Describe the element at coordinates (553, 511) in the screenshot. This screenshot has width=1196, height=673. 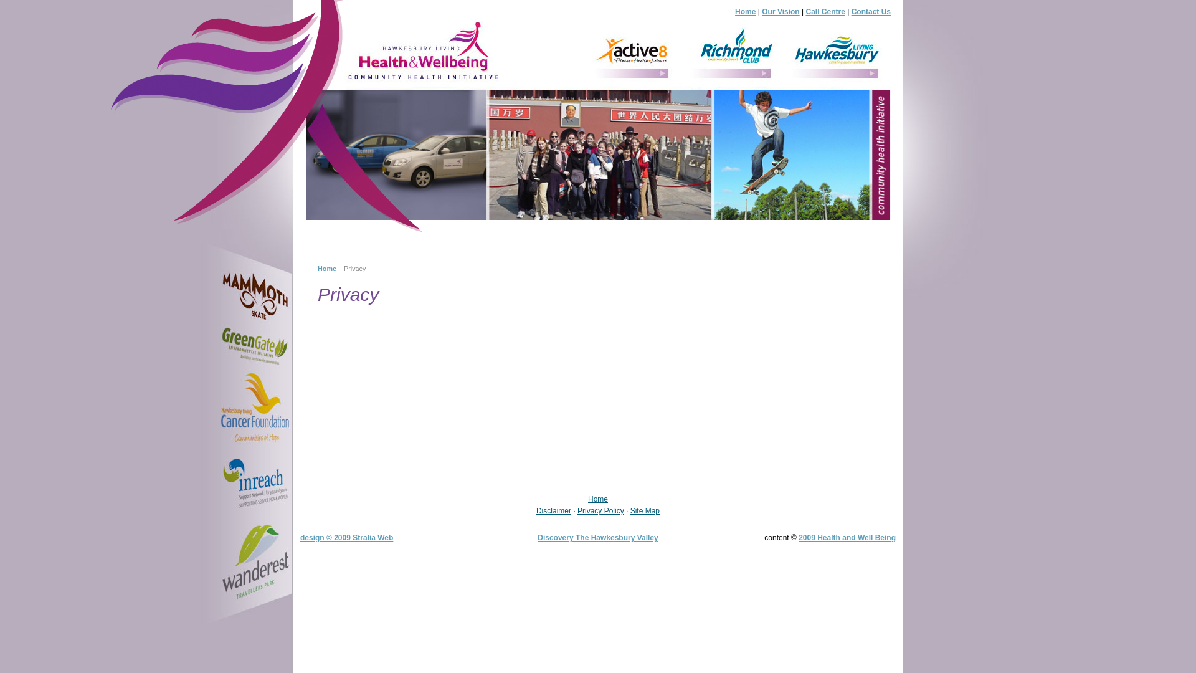
I see `'Disclaimer'` at that location.